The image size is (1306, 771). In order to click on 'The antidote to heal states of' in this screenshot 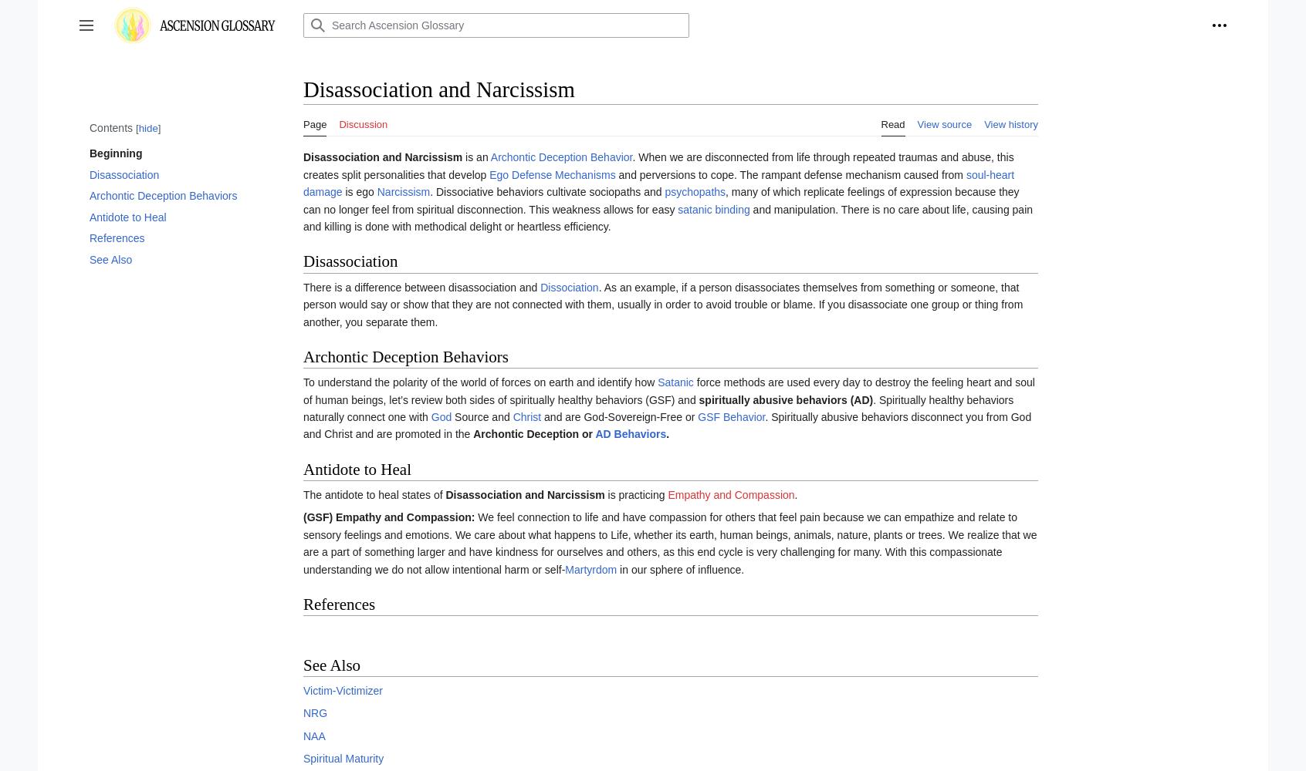, I will do `click(373, 495)`.